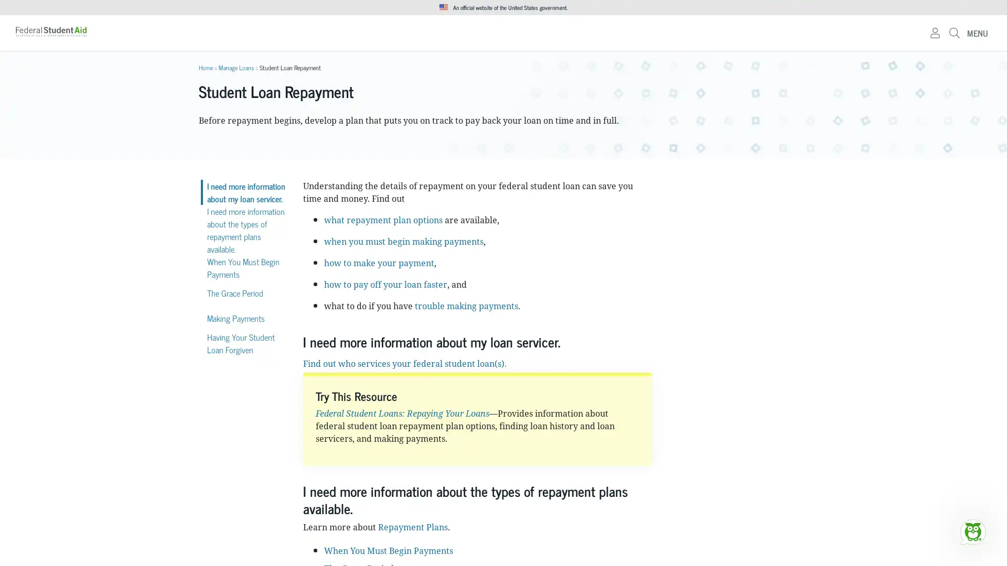 The width and height of the screenshot is (1007, 566). I want to click on Initiate Chat, so click(972, 531).